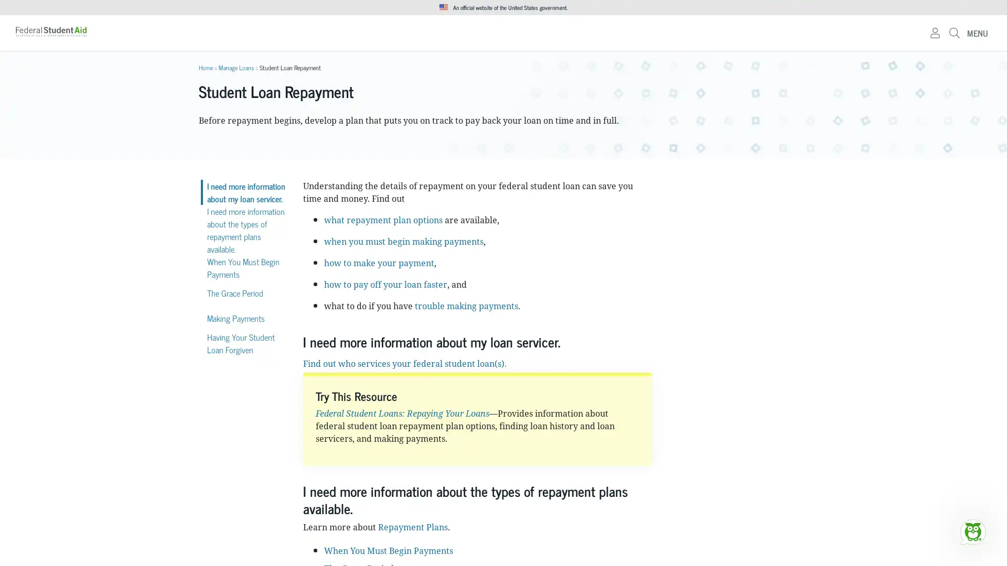 The width and height of the screenshot is (1007, 566). I want to click on Initiate Chat, so click(972, 531).